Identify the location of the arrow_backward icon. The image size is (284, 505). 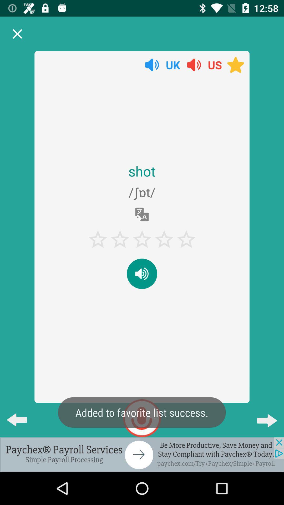
(21, 415).